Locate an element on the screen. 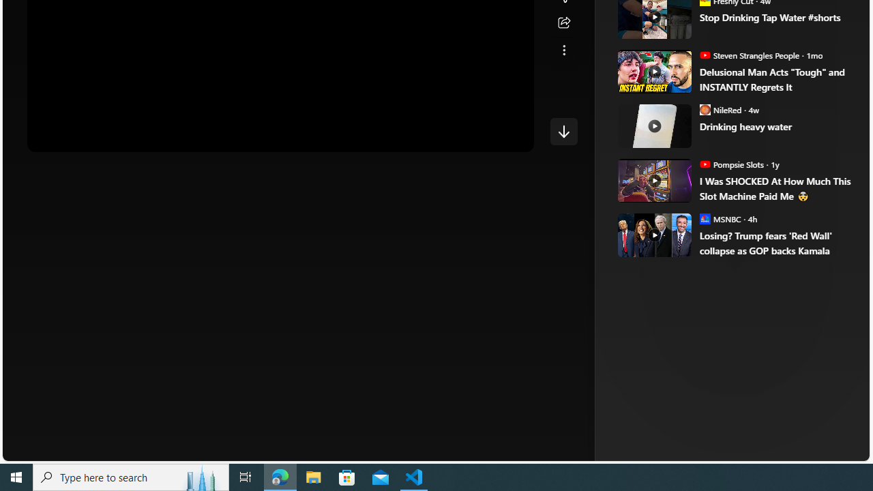  'MSNBC MSNBC' is located at coordinates (720, 218).